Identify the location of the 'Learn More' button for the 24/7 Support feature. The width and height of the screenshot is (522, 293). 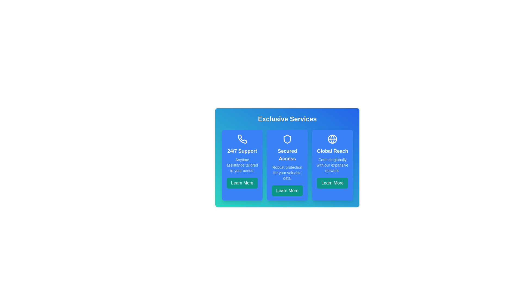
(242, 183).